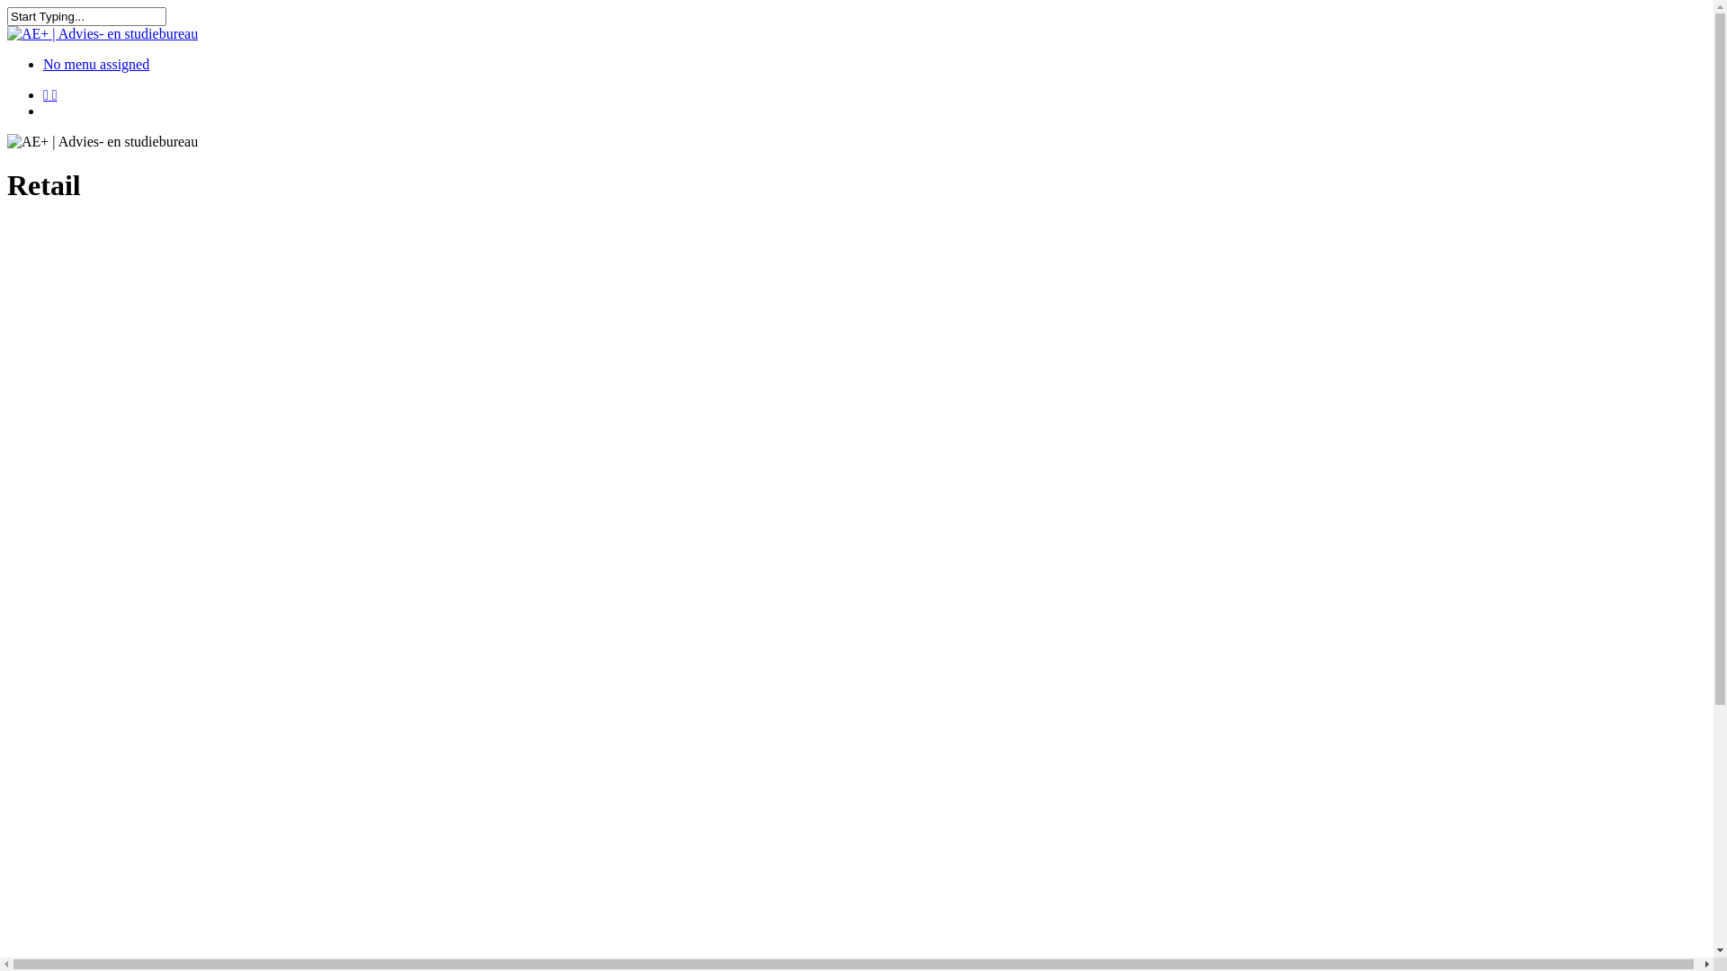 The image size is (1727, 971). I want to click on 'No menu assigned', so click(94, 63).